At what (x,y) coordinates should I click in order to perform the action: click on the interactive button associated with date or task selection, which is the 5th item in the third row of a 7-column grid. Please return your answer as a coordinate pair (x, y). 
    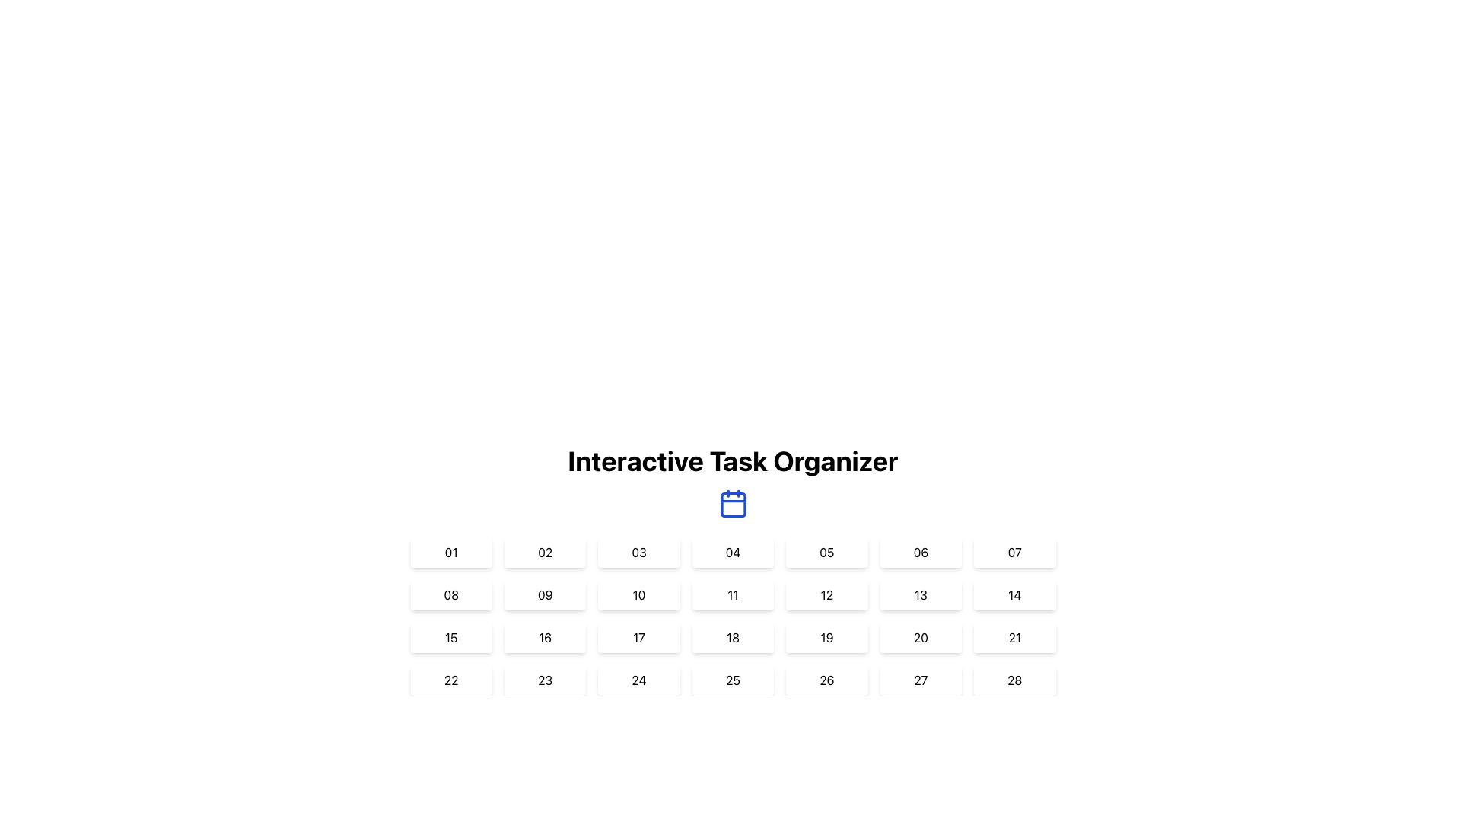
    Looking at the image, I should click on (826, 637).